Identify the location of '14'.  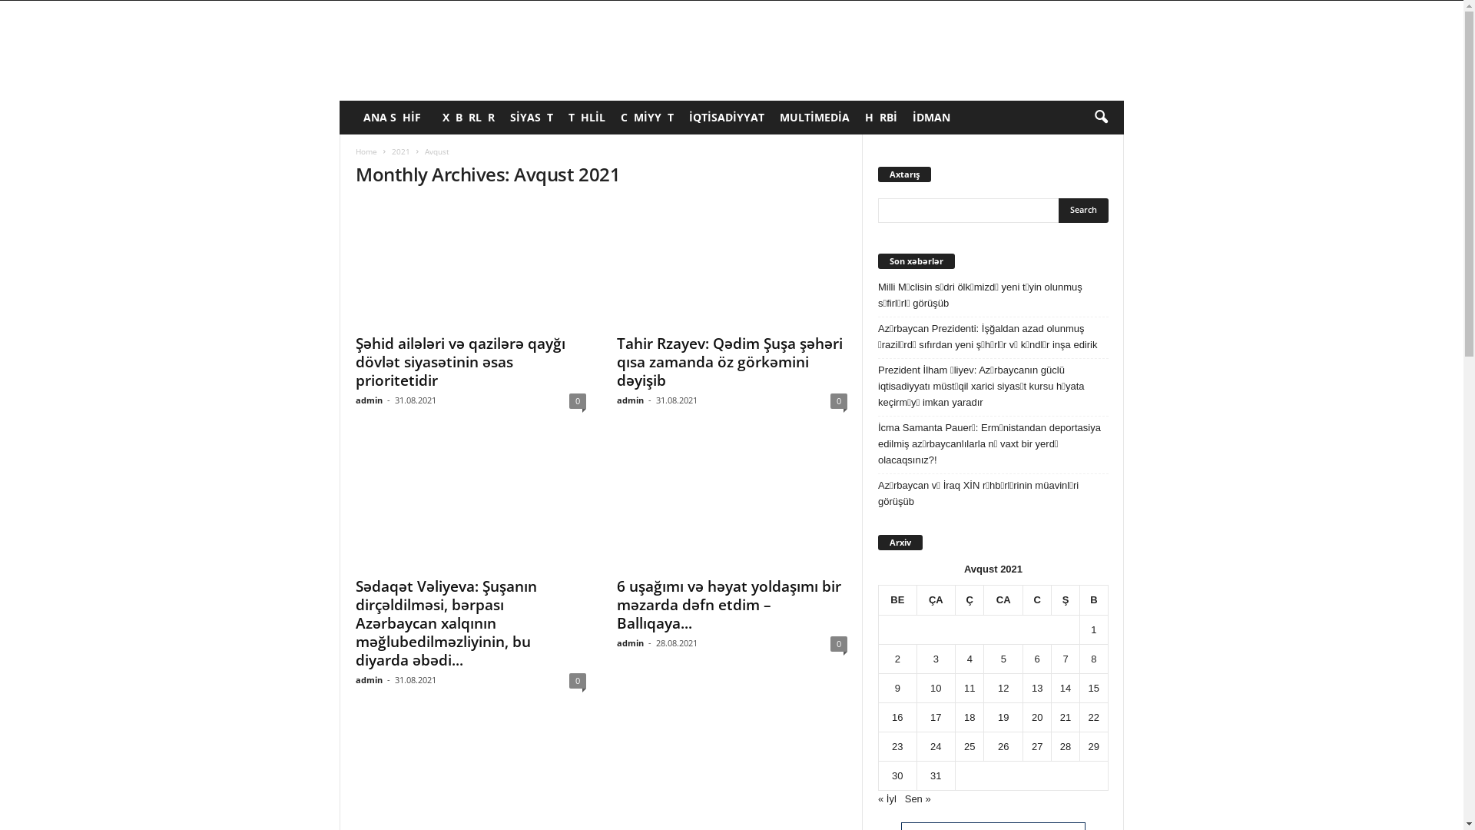
(1065, 687).